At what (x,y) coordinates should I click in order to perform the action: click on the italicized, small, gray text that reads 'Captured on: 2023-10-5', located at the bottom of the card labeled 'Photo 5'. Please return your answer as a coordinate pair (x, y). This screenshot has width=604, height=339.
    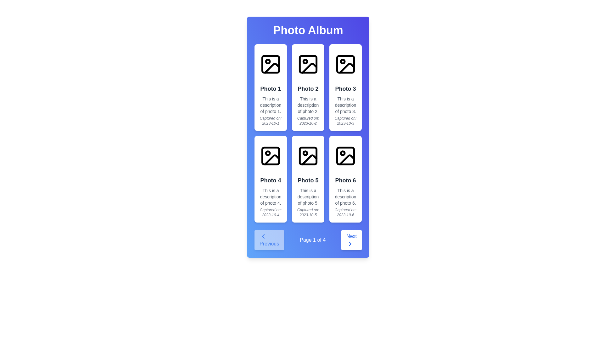
    Looking at the image, I should click on (308, 212).